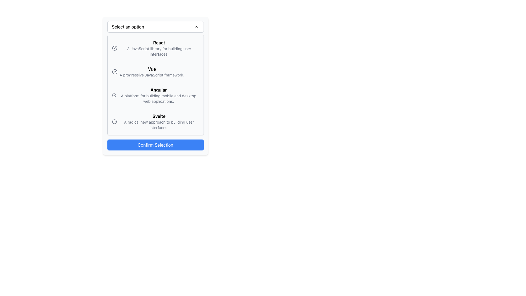 The width and height of the screenshot is (526, 296). I want to click on the third selectable option in the list representing Angular, so click(155, 95).